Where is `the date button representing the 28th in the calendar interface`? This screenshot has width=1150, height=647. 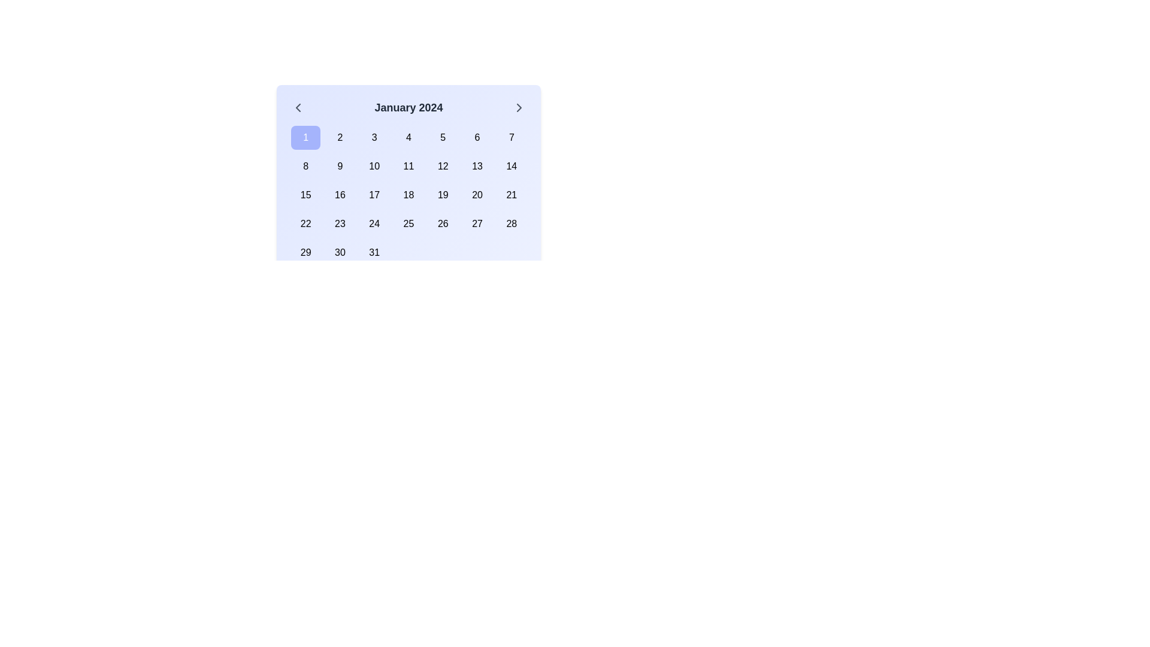 the date button representing the 28th in the calendar interface is located at coordinates (512, 224).